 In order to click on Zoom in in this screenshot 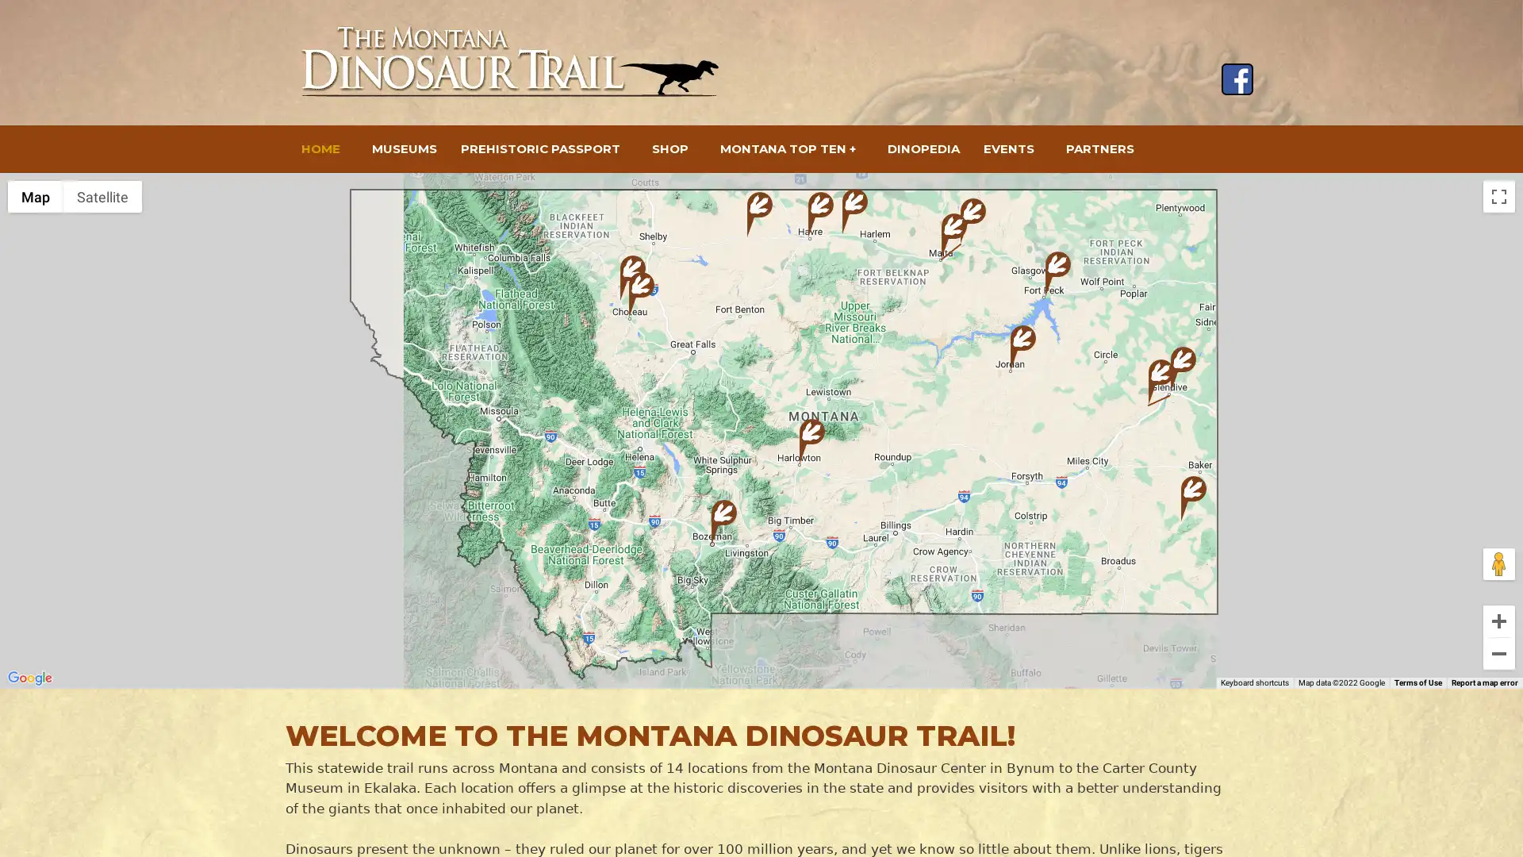, I will do `click(1498, 621)`.